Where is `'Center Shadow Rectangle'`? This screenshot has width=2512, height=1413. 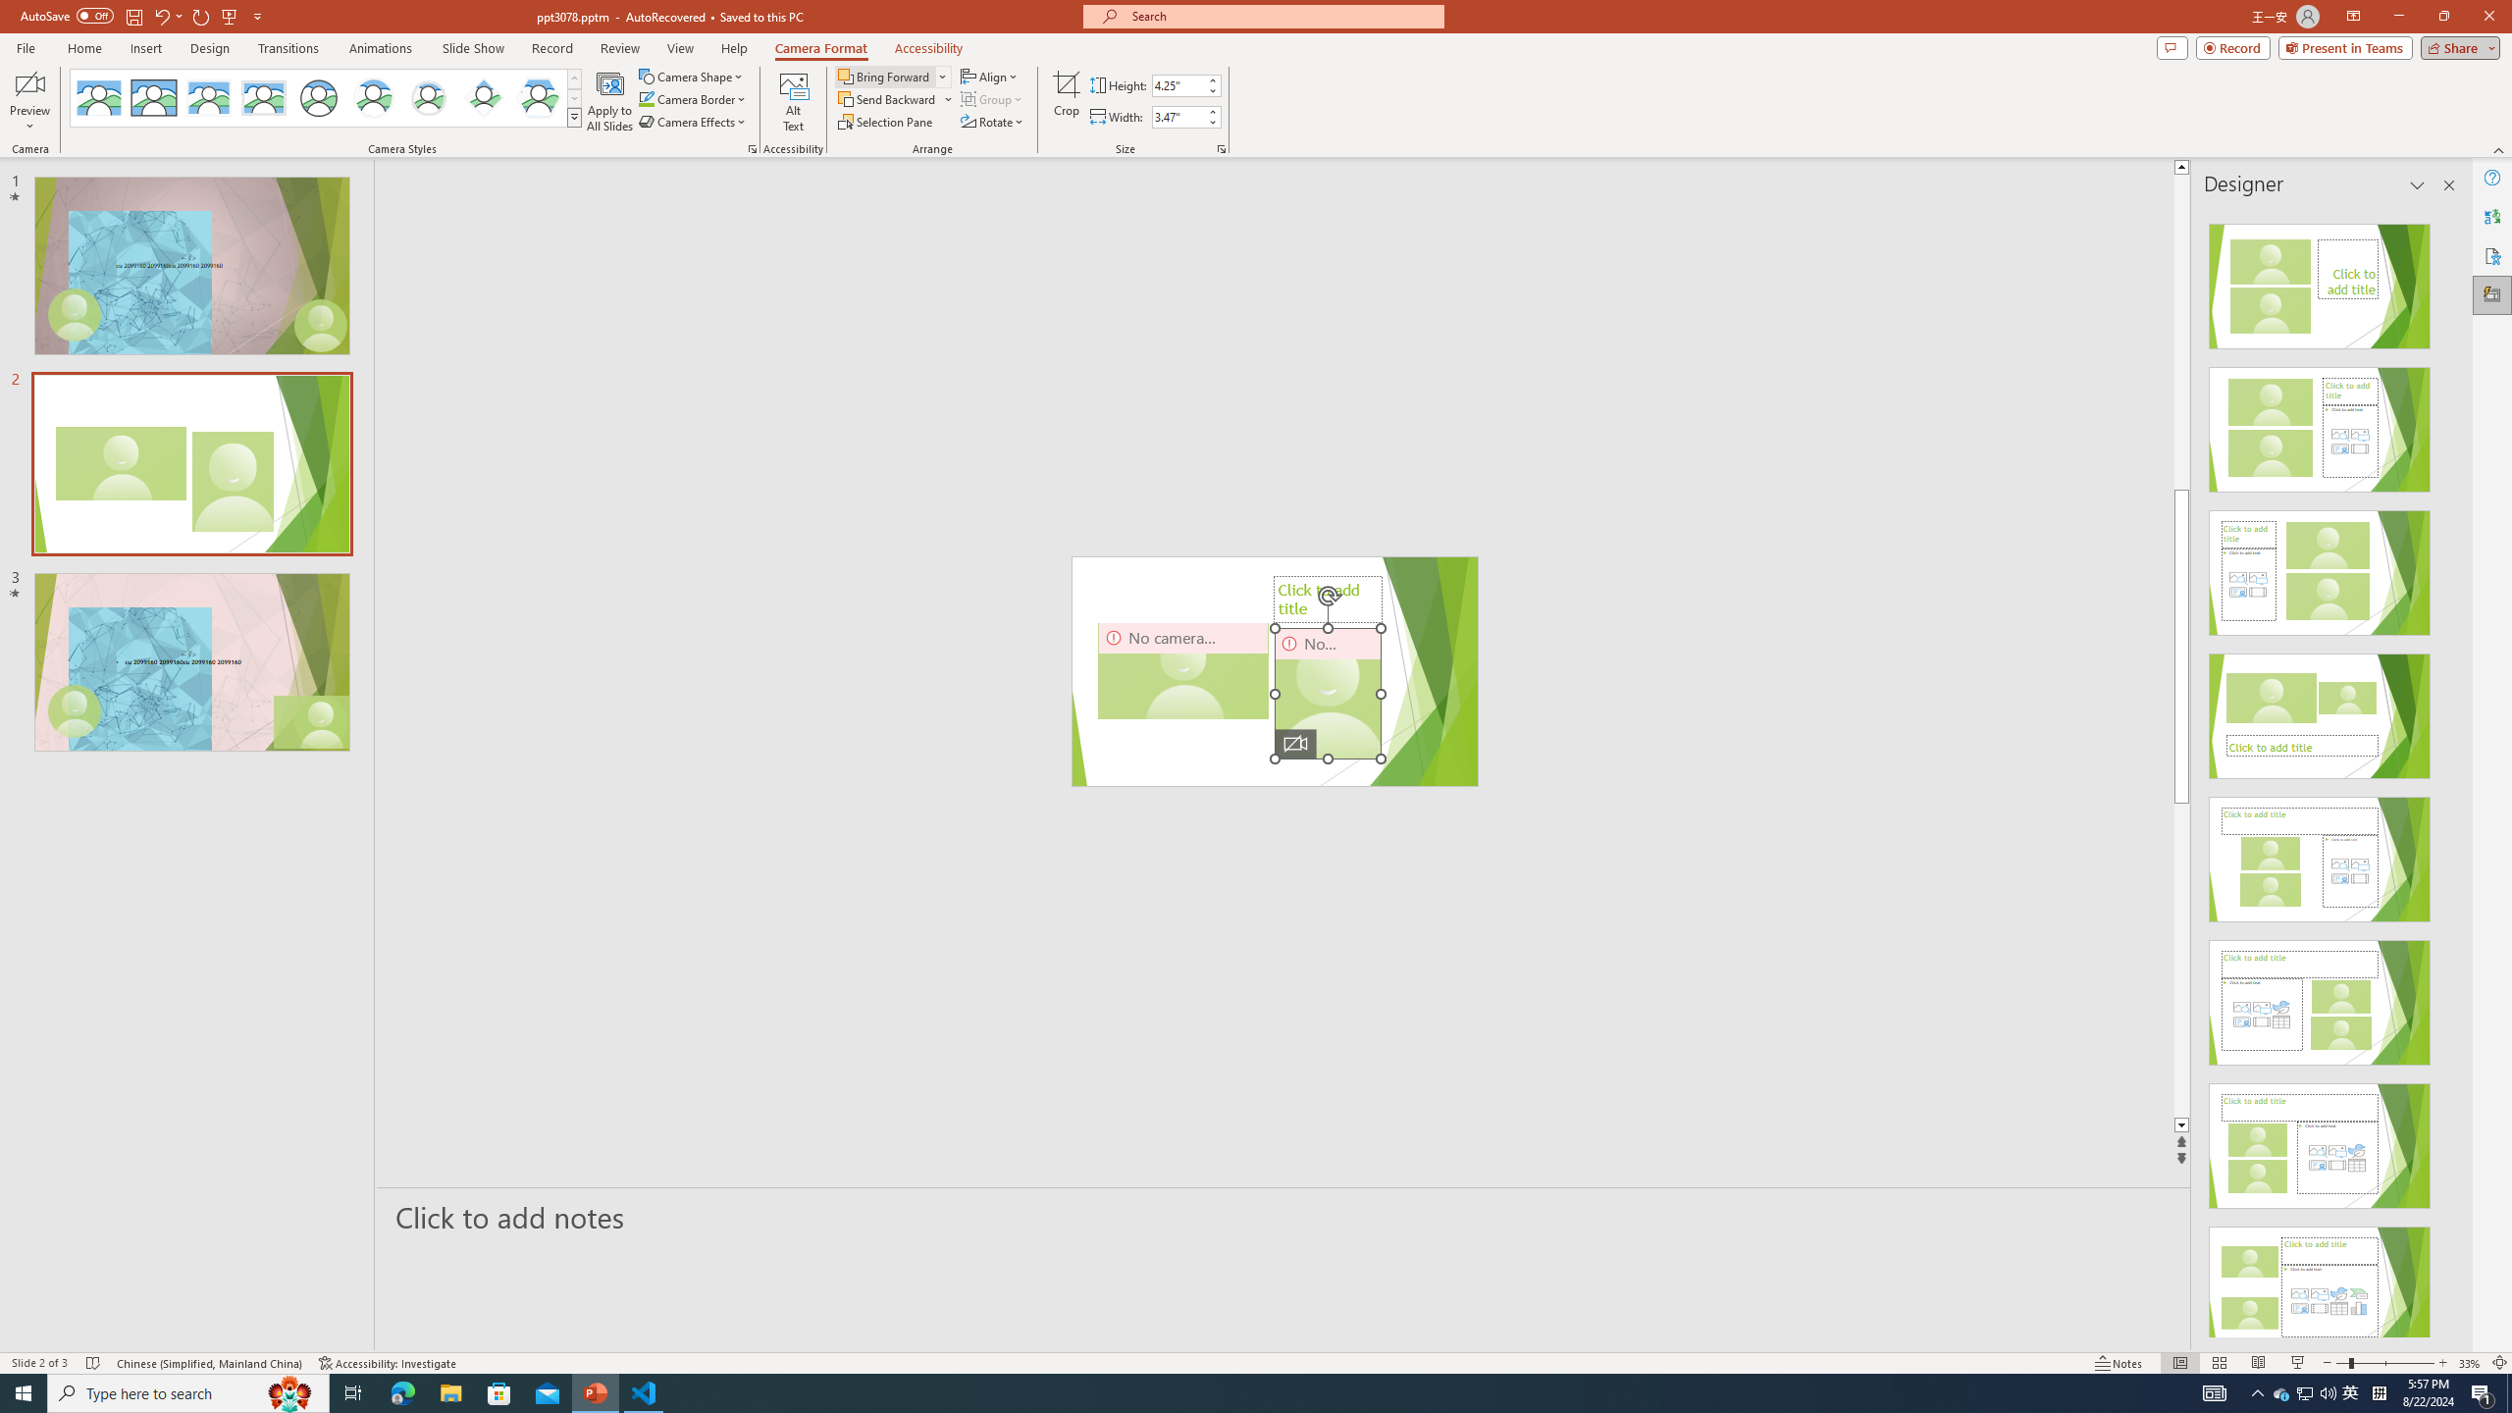
'Center Shadow Rectangle' is located at coordinates (207, 97).